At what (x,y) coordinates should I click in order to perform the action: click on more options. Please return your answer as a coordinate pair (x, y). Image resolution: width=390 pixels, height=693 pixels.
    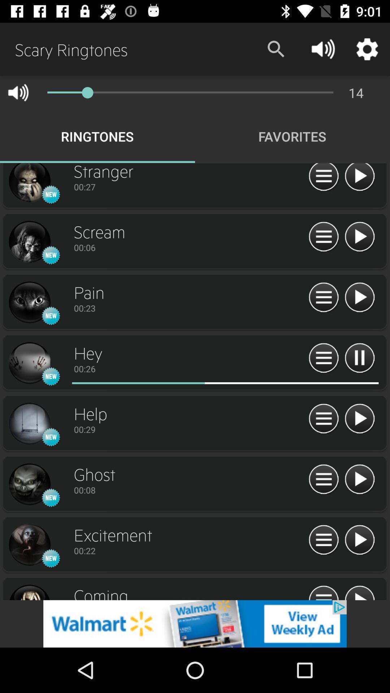
    Looking at the image, I should click on (323, 237).